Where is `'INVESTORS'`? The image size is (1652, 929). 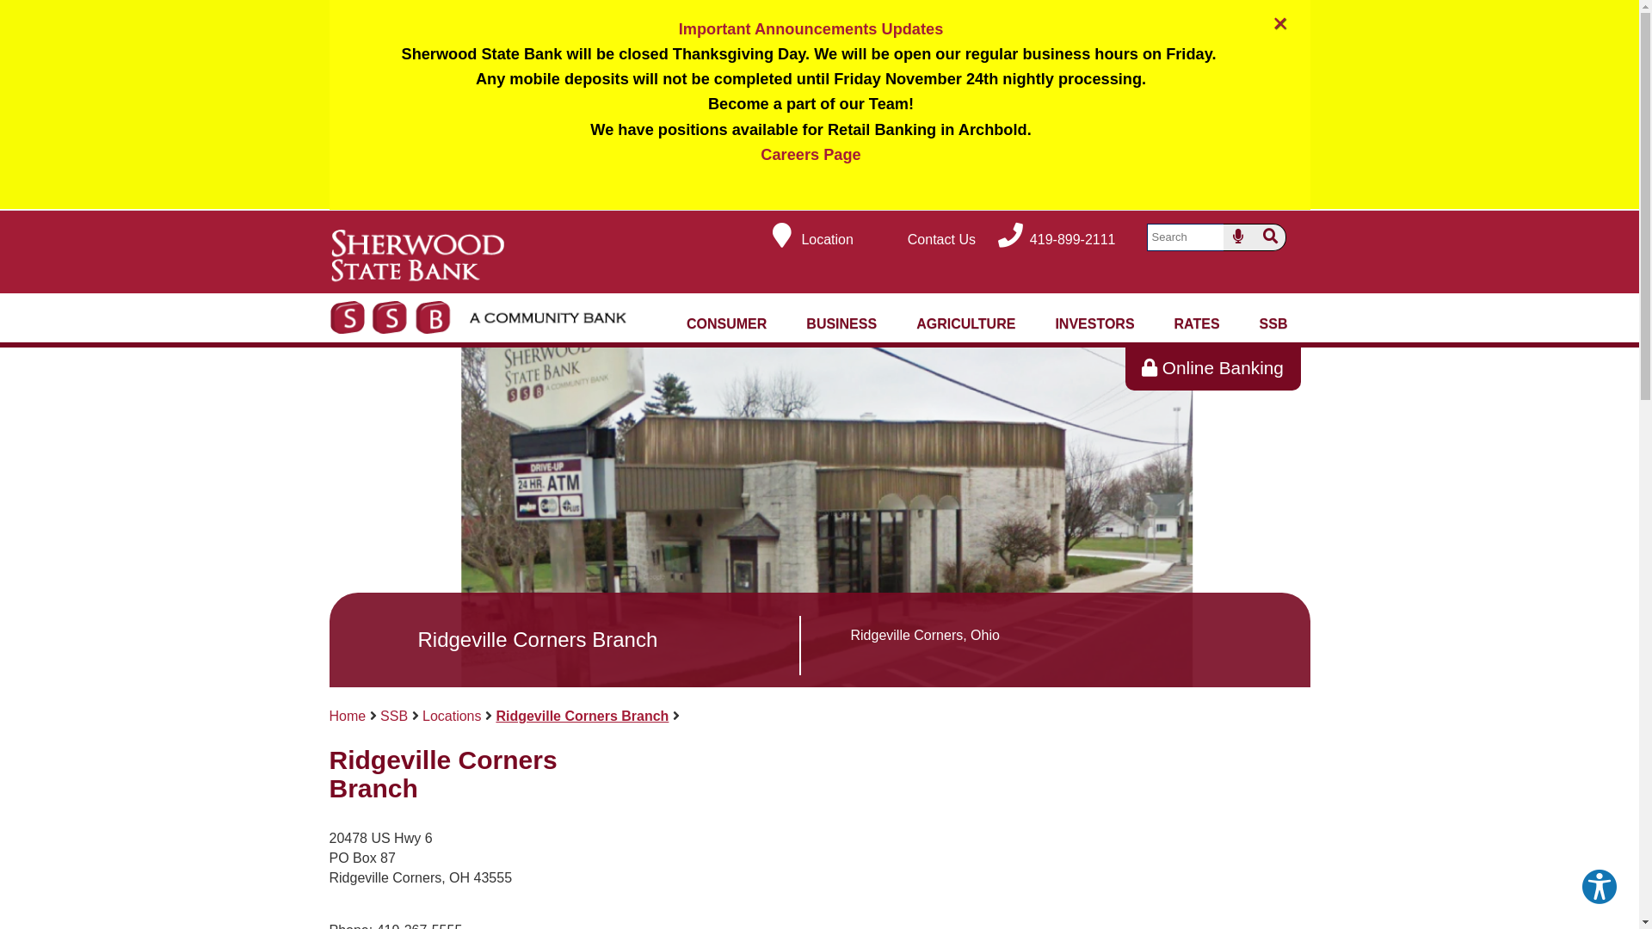
'INVESTORS' is located at coordinates (1094, 324).